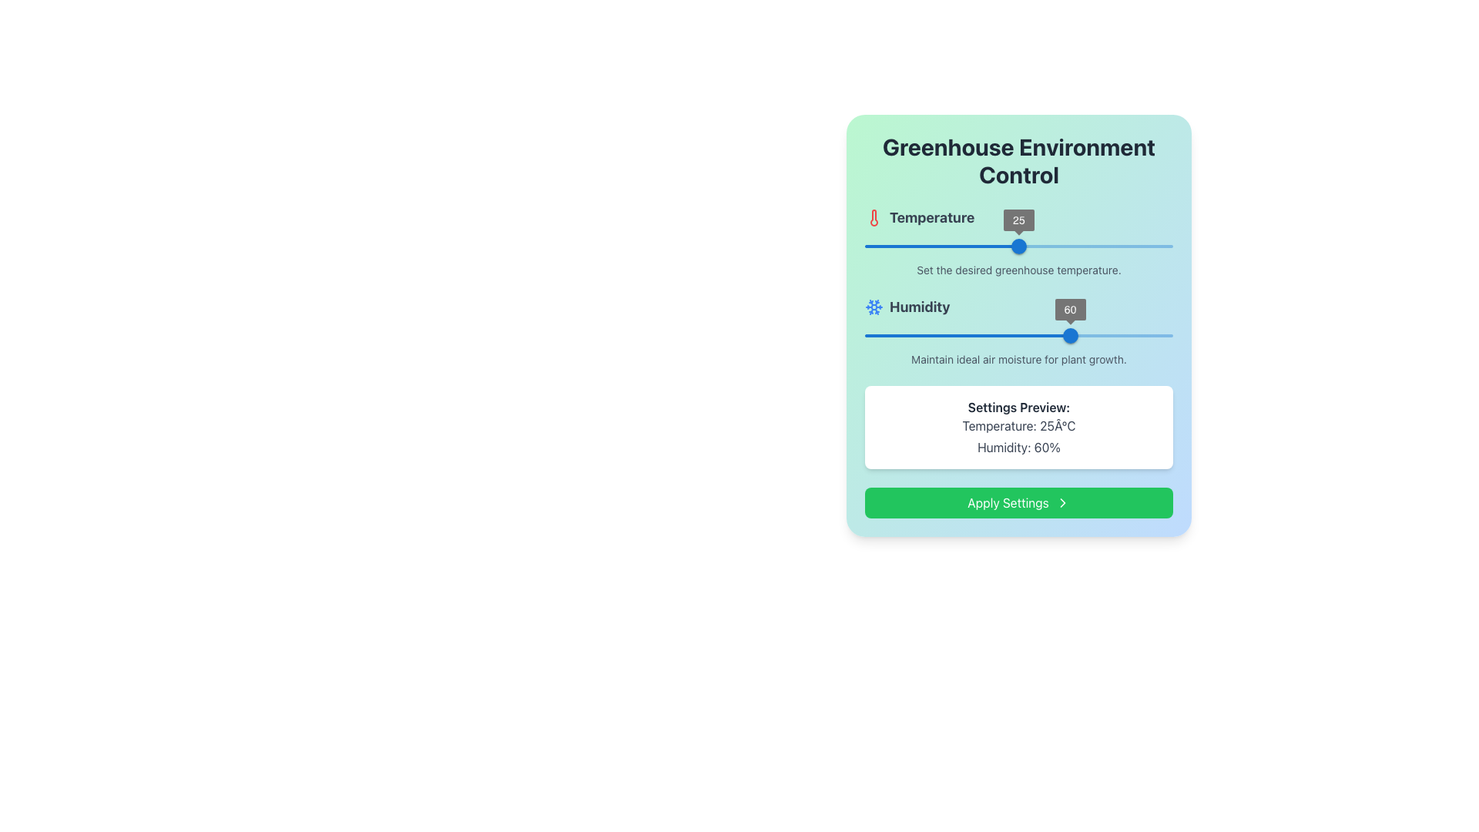 The height and width of the screenshot is (832, 1479). Describe the element at coordinates (921, 334) in the screenshot. I see `the humidity level` at that location.